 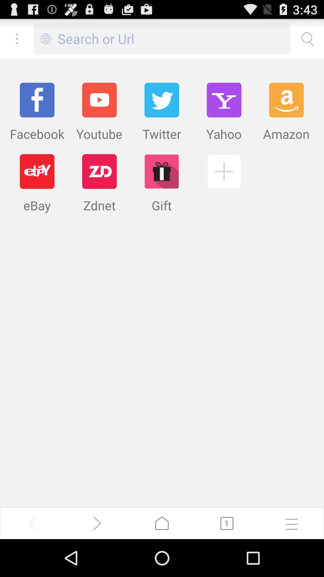 I want to click on the globe icon, so click(x=45, y=41).